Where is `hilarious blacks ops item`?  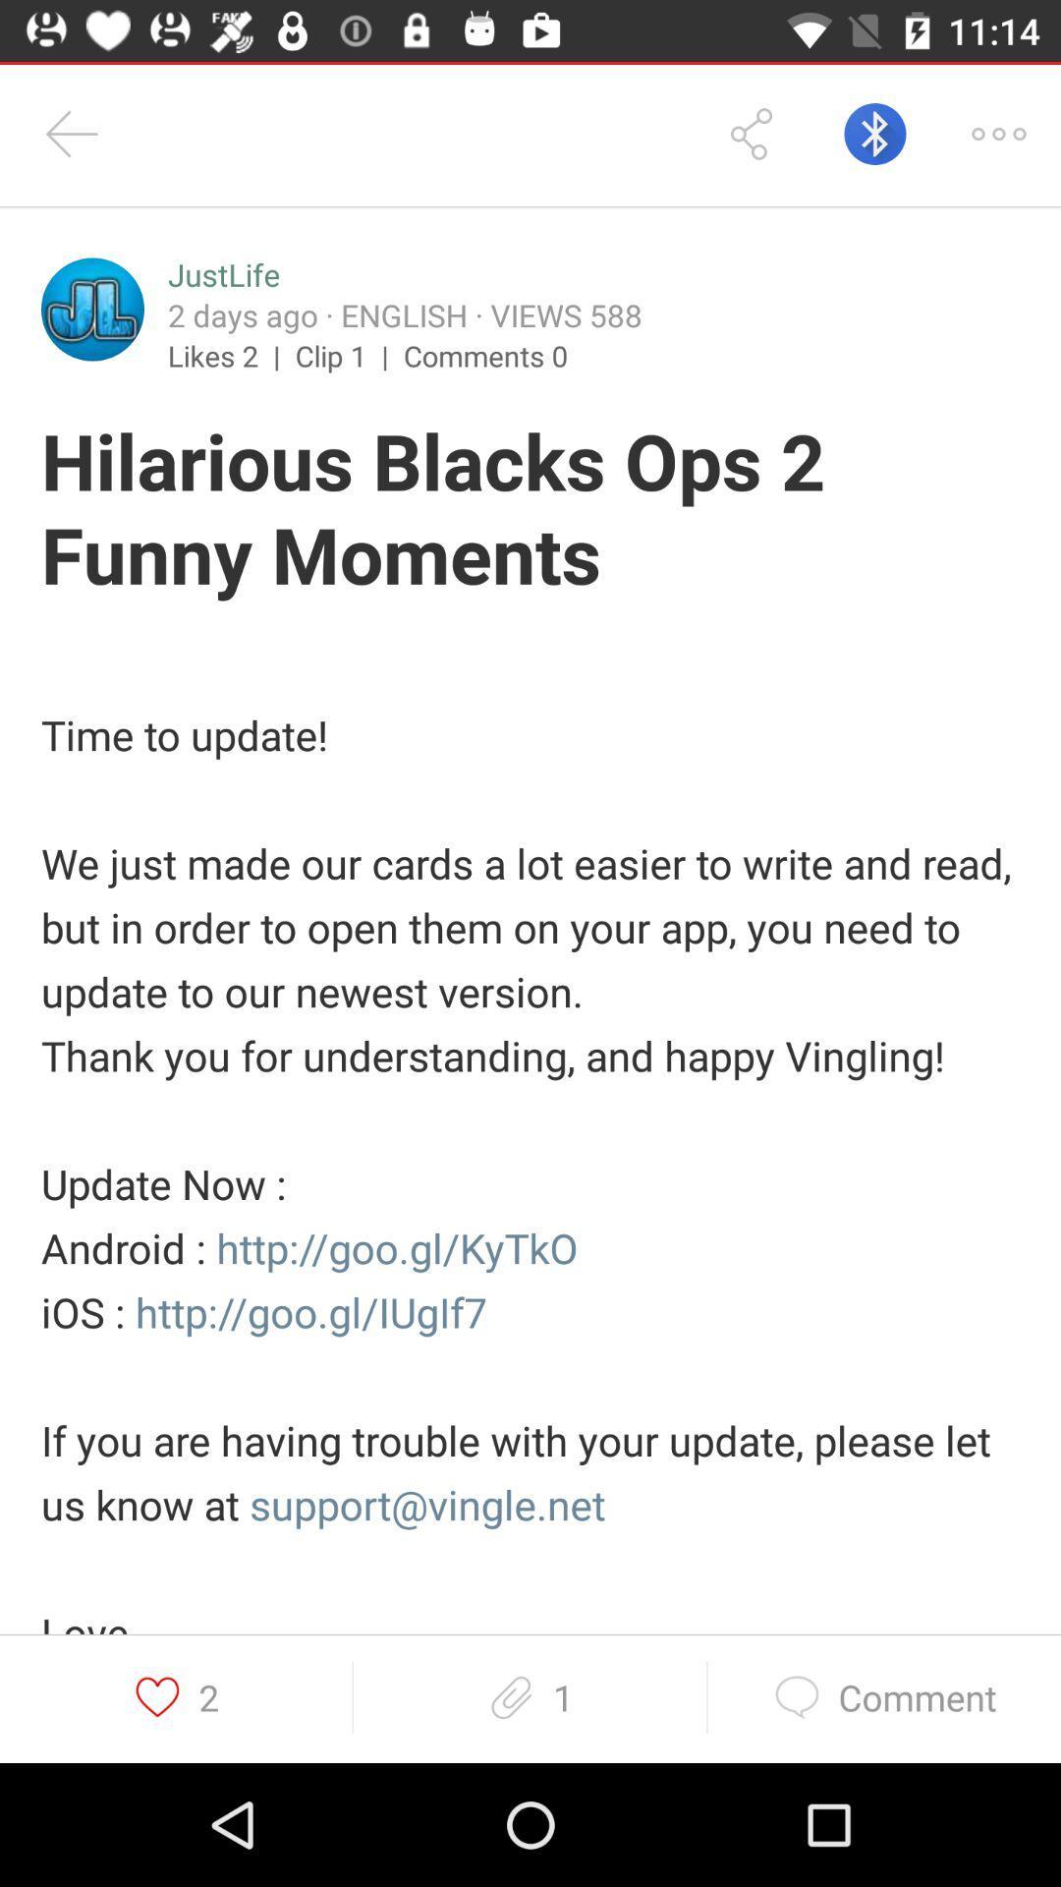
hilarious blacks ops item is located at coordinates (530, 511).